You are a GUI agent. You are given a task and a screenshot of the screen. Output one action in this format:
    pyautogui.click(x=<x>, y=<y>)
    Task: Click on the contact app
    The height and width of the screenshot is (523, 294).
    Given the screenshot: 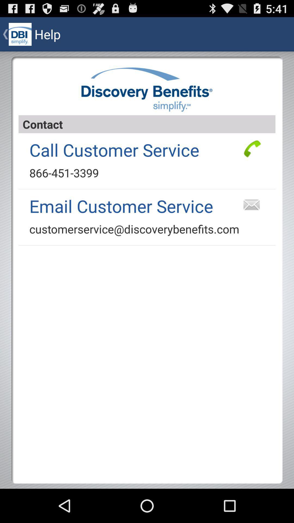 What is the action you would take?
    pyautogui.click(x=147, y=124)
    